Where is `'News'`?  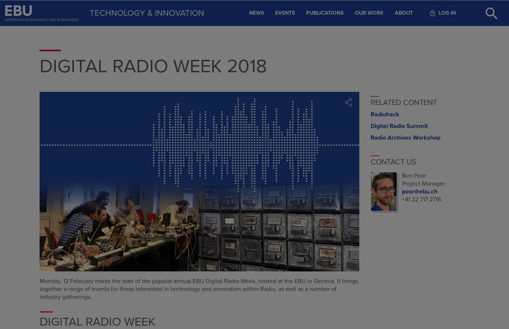 'News' is located at coordinates (256, 12).